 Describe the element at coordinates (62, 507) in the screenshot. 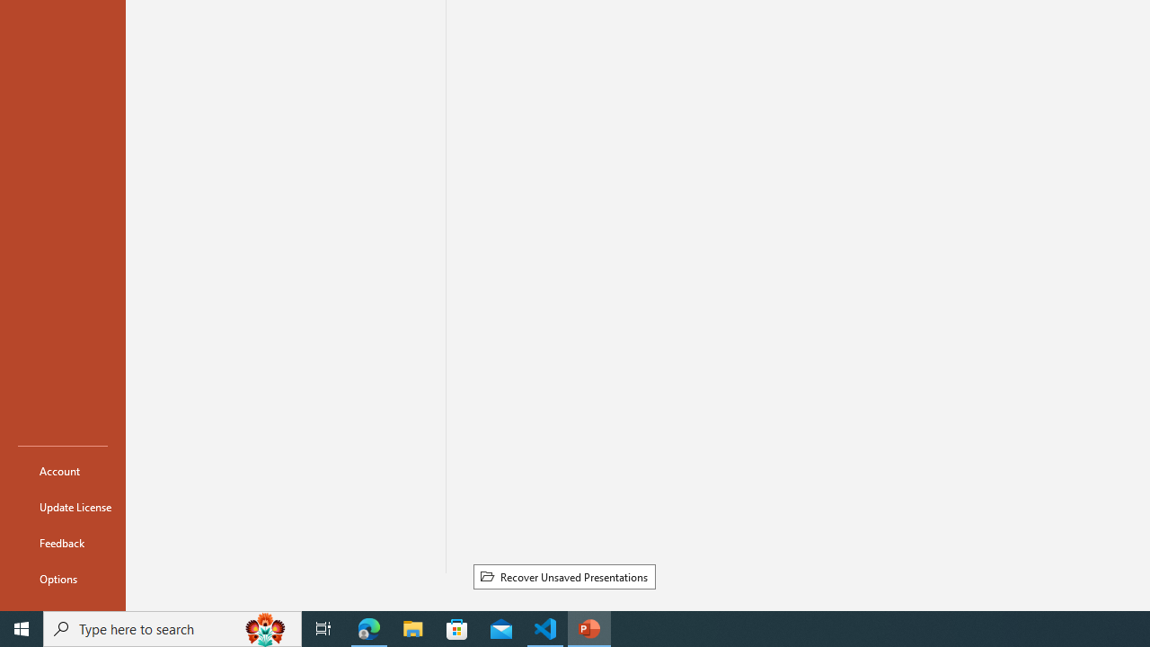

I see `'Update License'` at that location.